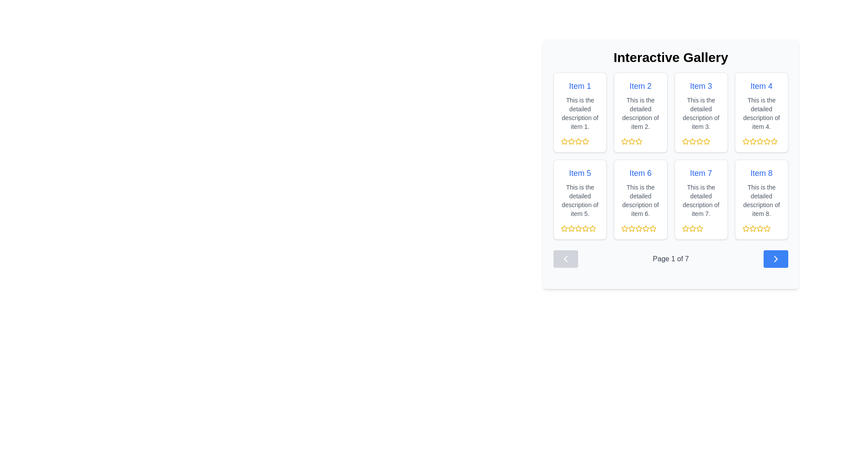  I want to click on the fourth interactive star icon in the bottom right card of the interactive gallery grid to rate the corresponding item, so click(759, 228).